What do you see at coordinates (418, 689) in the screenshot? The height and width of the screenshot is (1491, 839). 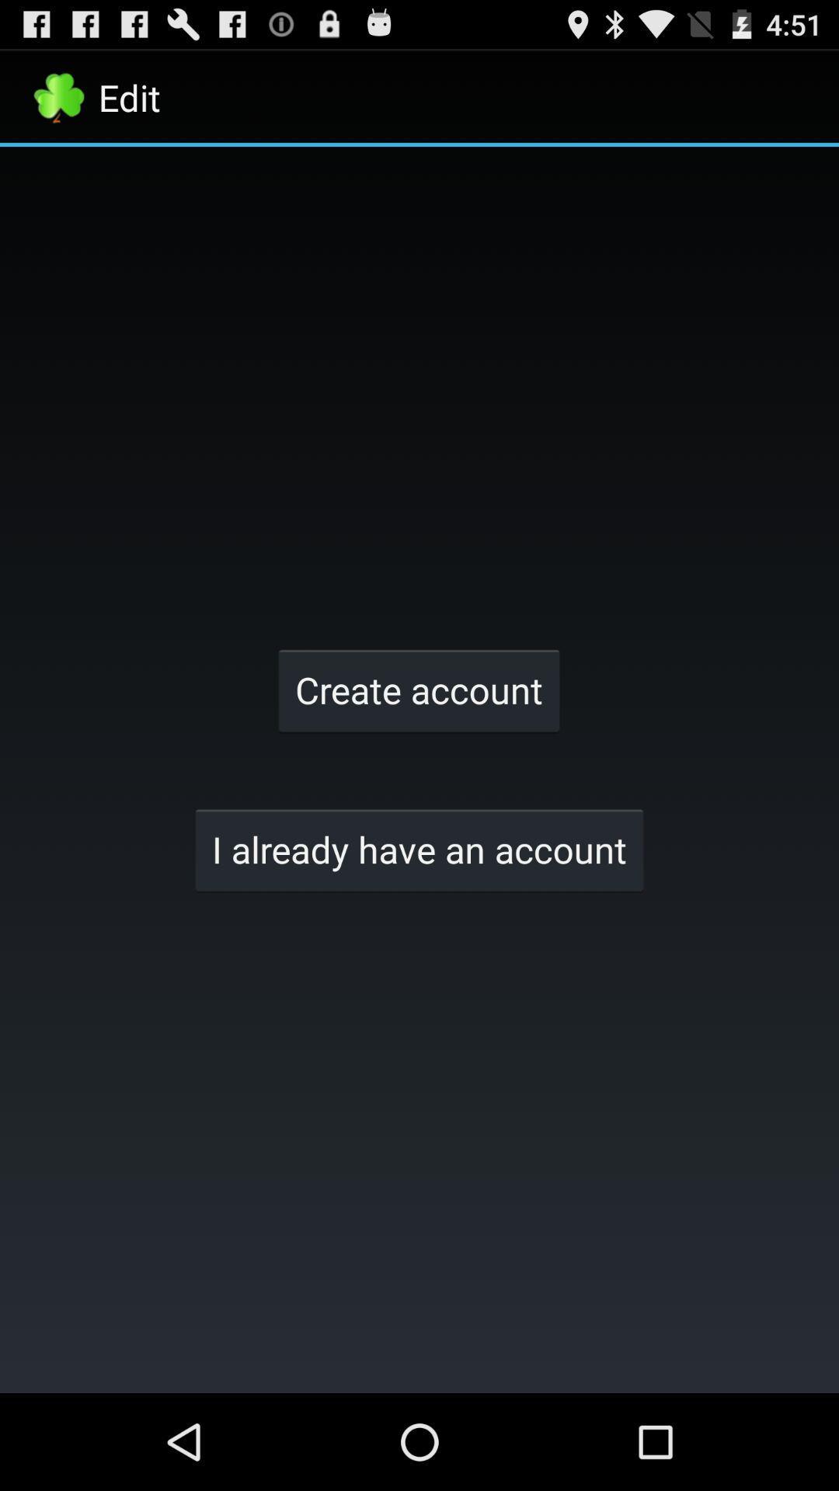 I see `the create account item` at bounding box center [418, 689].